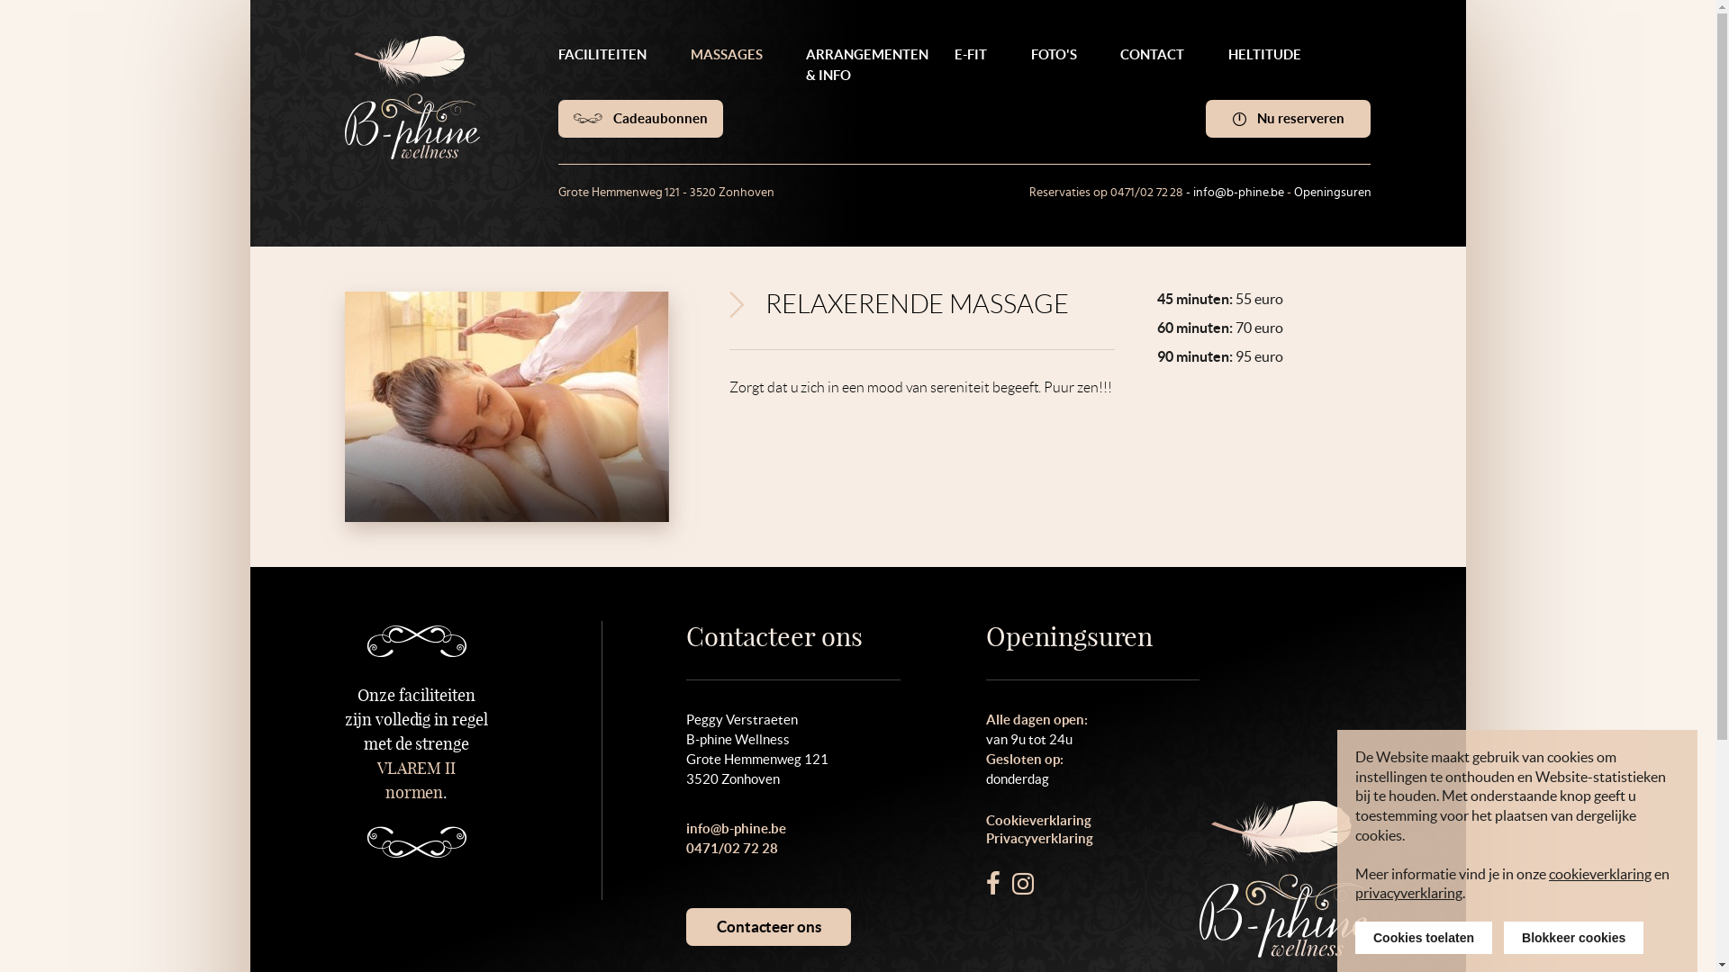  What do you see at coordinates (640, 118) in the screenshot?
I see `'Cadeaubonnen'` at bounding box center [640, 118].